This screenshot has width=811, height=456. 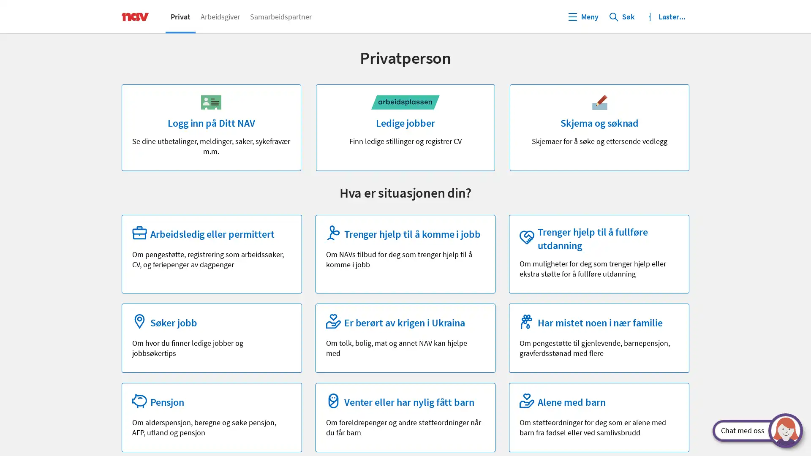 What do you see at coordinates (750, 430) in the screenshot?
I see `Chat med oss .` at bounding box center [750, 430].